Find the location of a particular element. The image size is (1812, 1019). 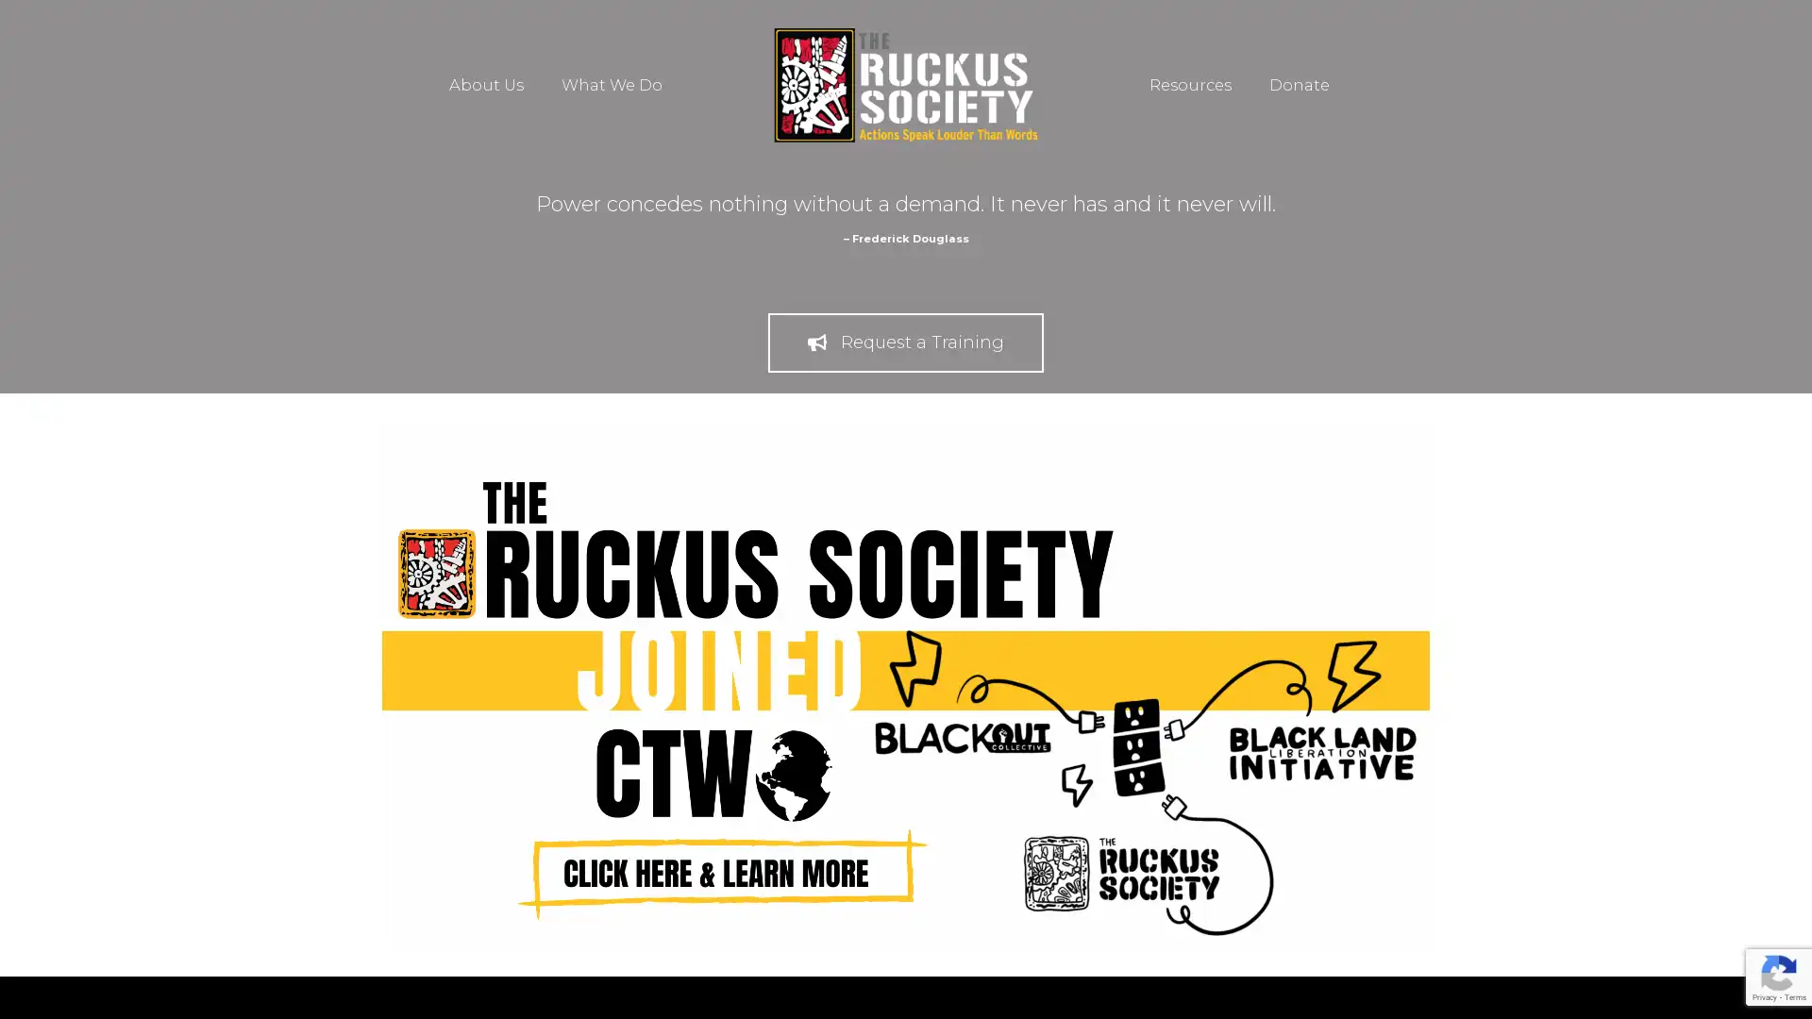

Request a Training is located at coordinates (906, 342).